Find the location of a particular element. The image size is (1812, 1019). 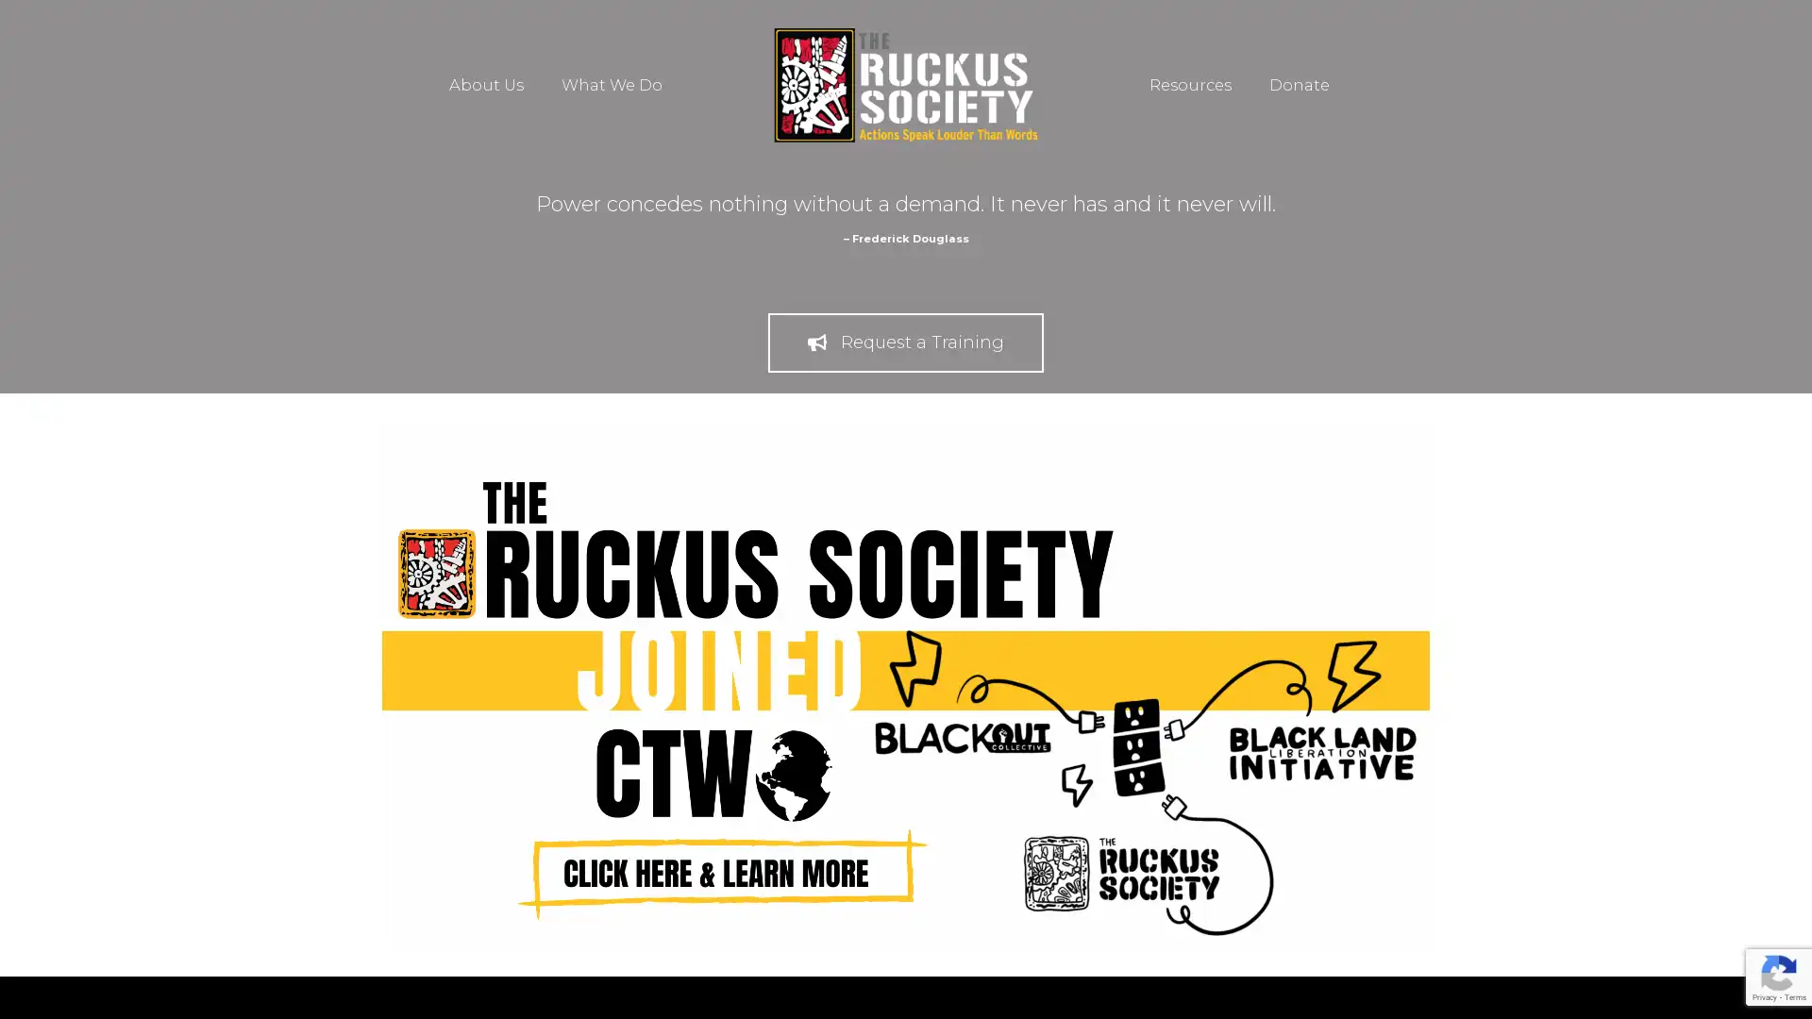

Request a Training is located at coordinates (906, 342).